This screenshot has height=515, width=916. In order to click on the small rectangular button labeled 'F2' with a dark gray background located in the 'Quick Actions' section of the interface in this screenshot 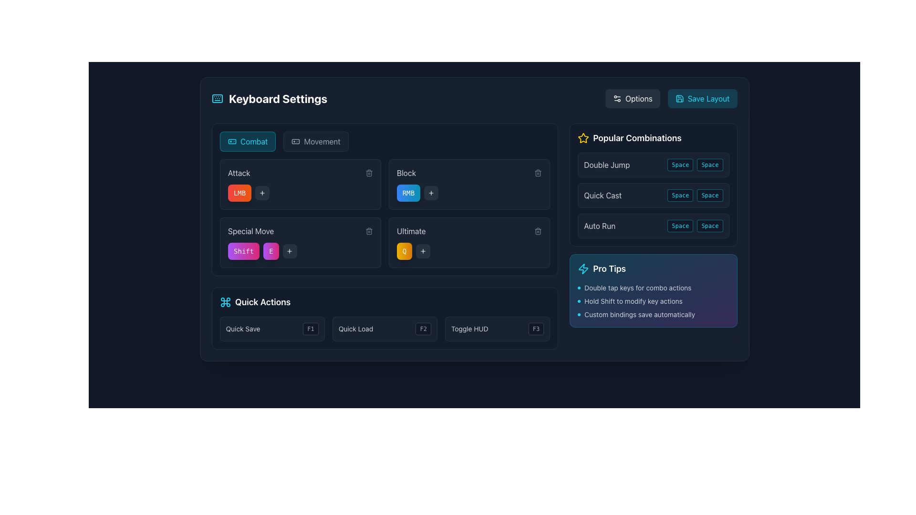, I will do `click(423, 329)`.